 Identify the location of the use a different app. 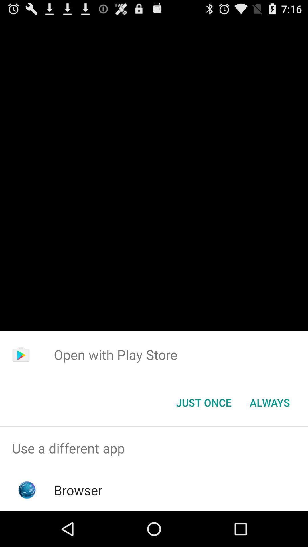
(154, 448).